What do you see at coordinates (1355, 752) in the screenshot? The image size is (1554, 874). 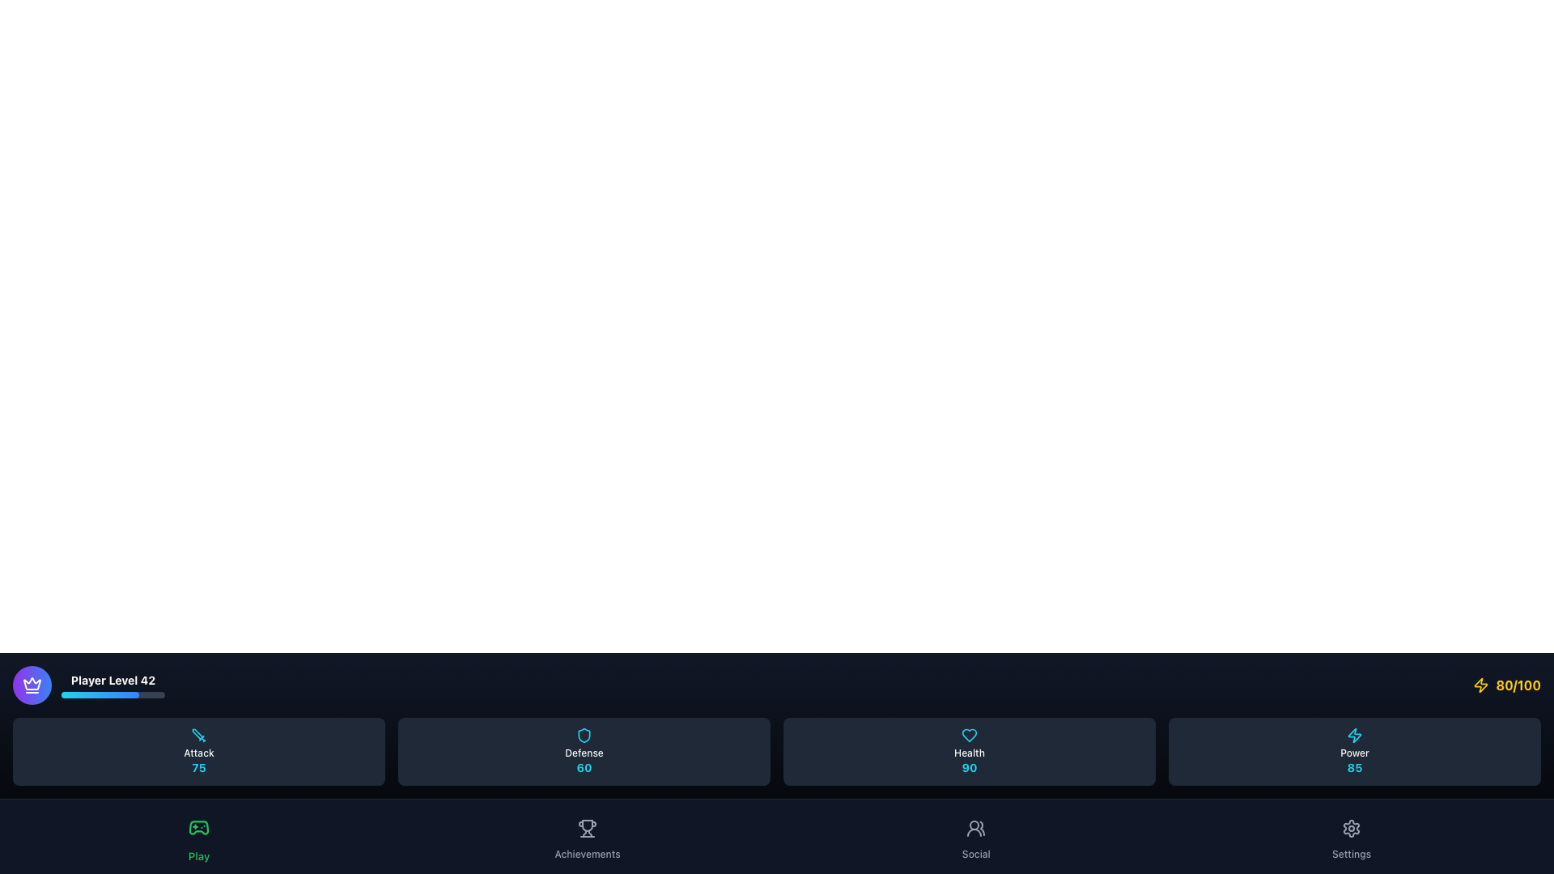 I see `the content of the fourth card from the left, which displays a cyan lightning bolt icon, the title 'Power' in white text, and the value '85' in cyan, all centered within a dark gray rectangular card` at bounding box center [1355, 752].